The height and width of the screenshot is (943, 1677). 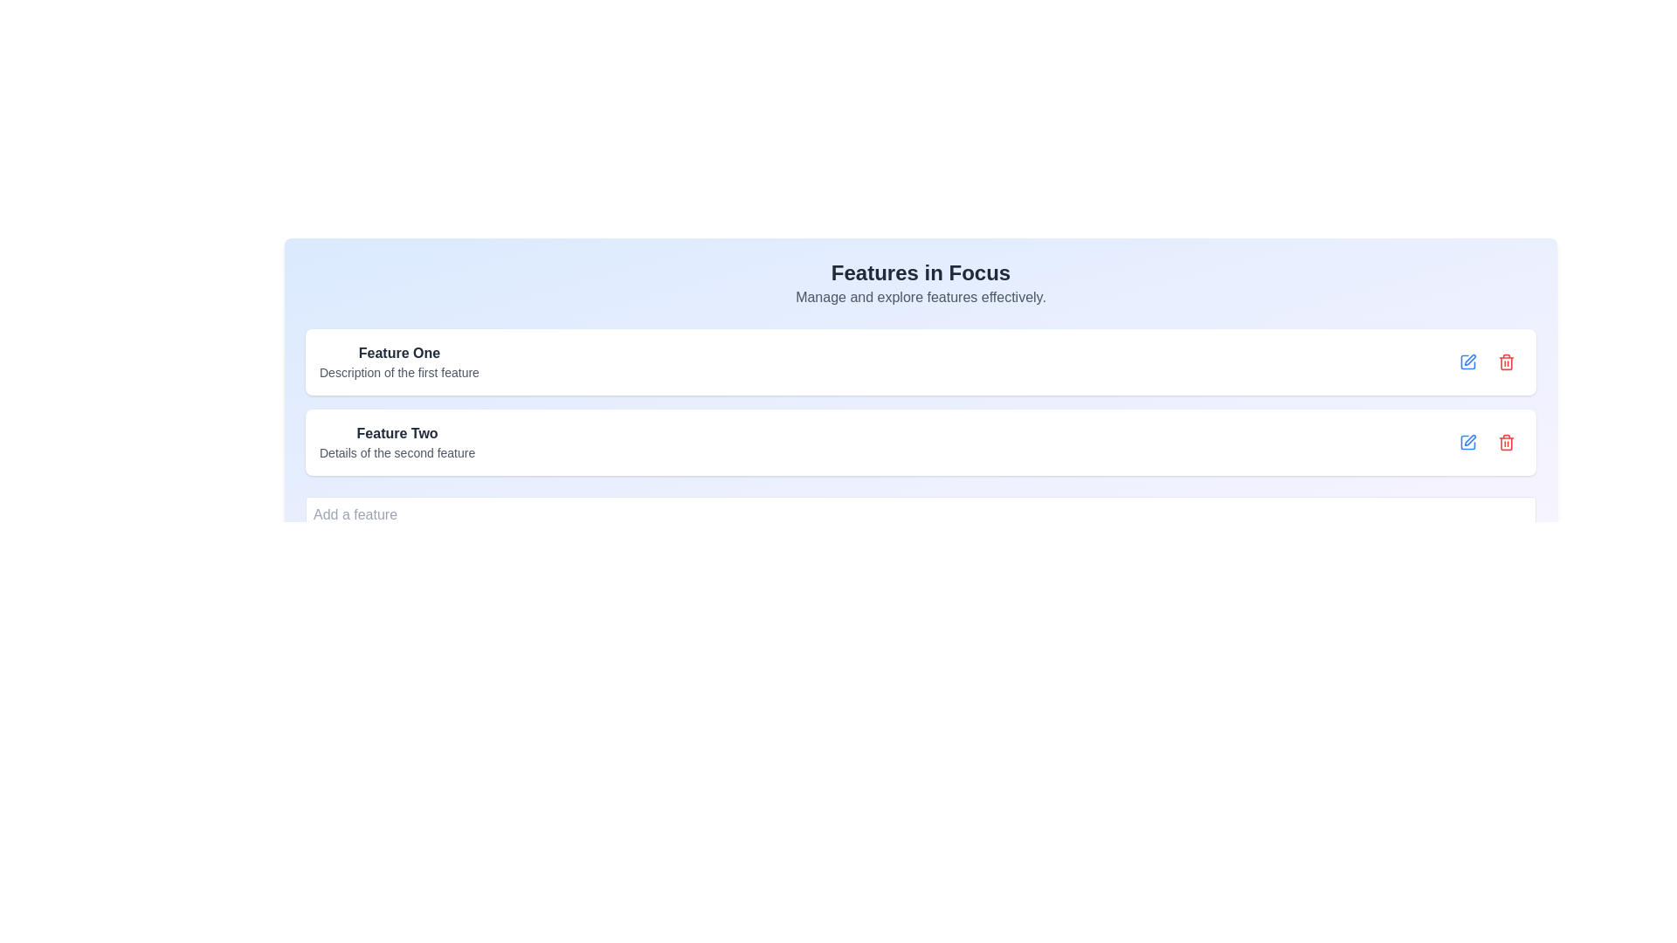 I want to click on the rectangular button with a blue pen icon, which is the first interactive button adjacent to the 'Feature Two' section, so click(x=1467, y=441).